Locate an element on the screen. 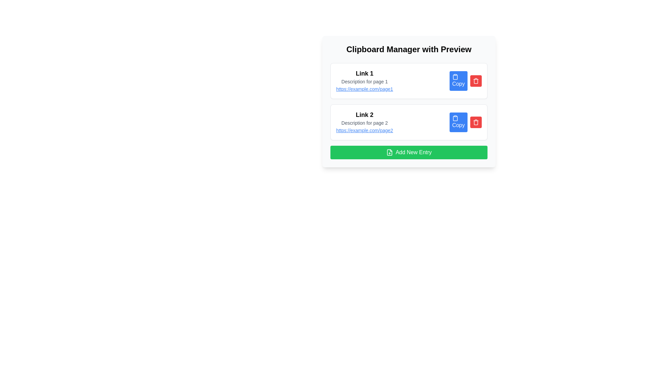  the small SVG icon resembling a file with a plus symbol, located to the left of the text in the green button labeled 'Add New Entry' at the bottom of the card is located at coordinates (389, 152).